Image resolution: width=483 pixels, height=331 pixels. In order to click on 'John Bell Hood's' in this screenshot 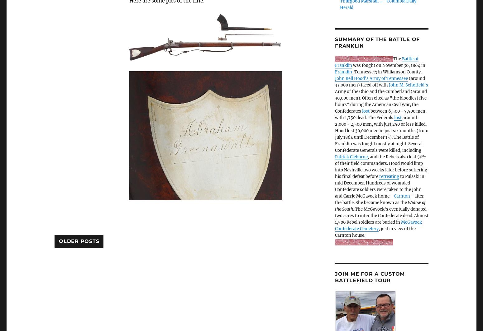, I will do `click(351, 78)`.